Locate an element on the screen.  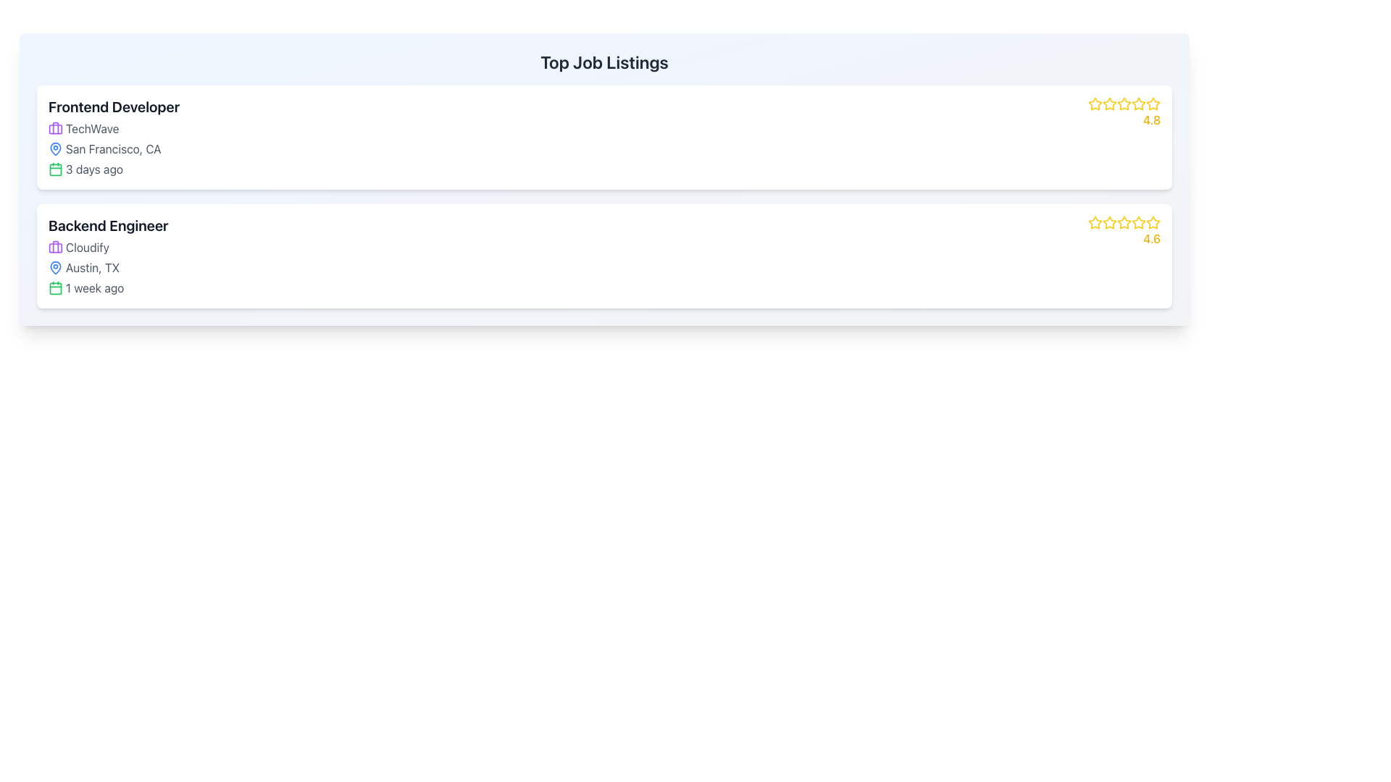
the fifth star in the graphical rating display for the job listing of 'Frontend Developer' is located at coordinates (1137, 103).